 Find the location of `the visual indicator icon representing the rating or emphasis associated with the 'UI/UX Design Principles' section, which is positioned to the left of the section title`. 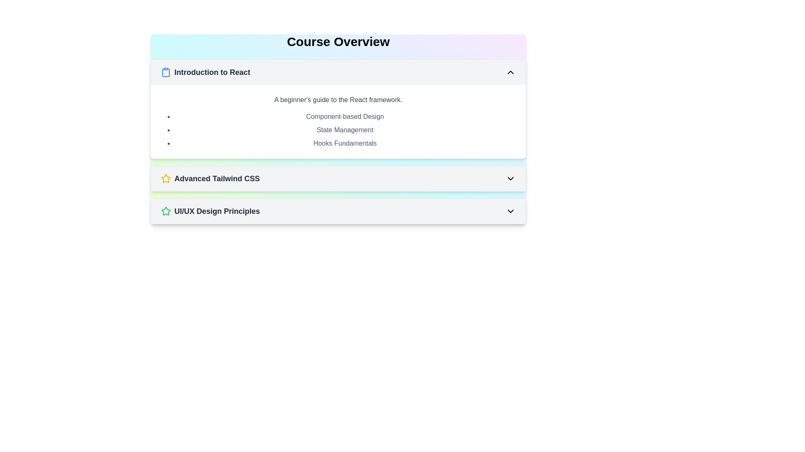

the visual indicator icon representing the rating or emphasis associated with the 'UI/UX Design Principles' section, which is positioned to the left of the section title is located at coordinates (166, 211).